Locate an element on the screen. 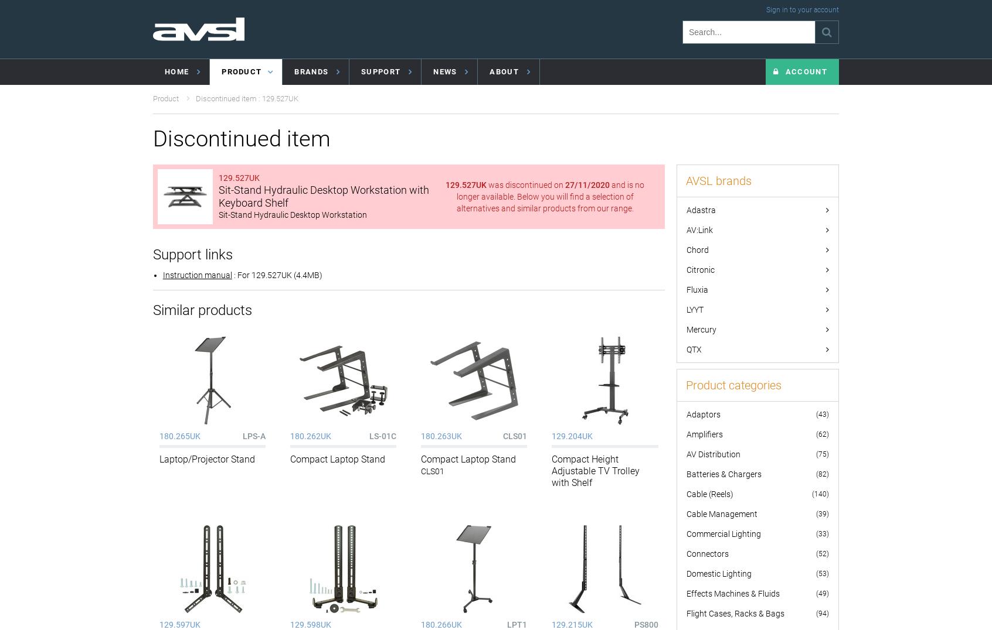  'Product categories' is located at coordinates (733, 384).